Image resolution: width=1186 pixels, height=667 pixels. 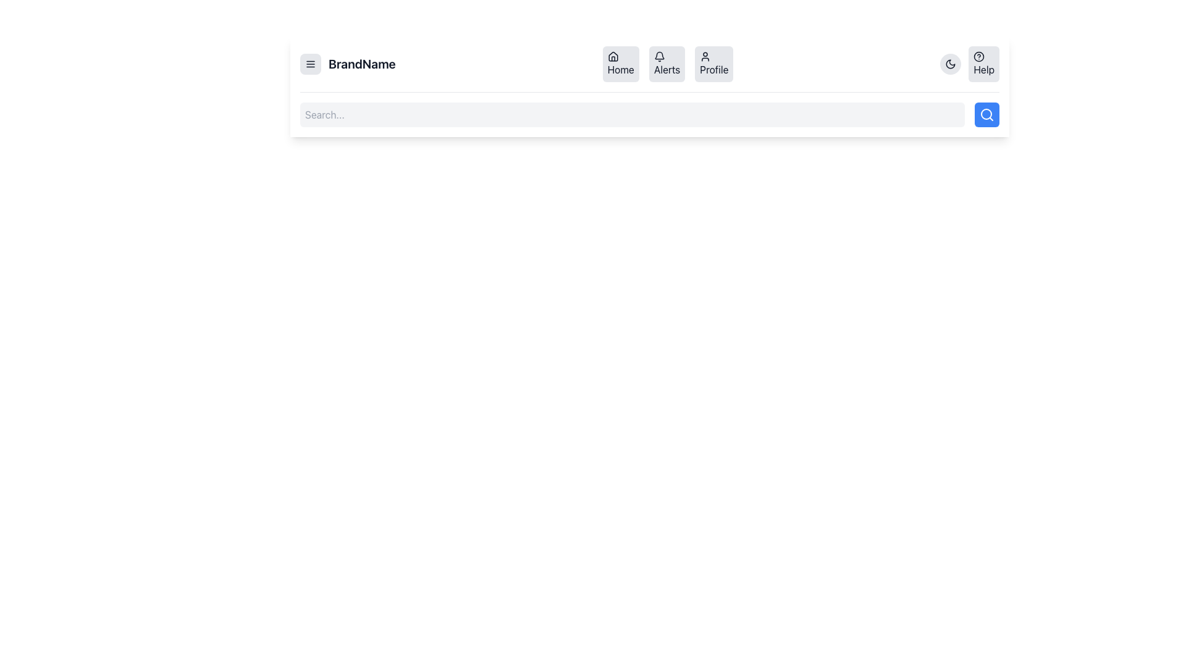 I want to click on the 'menu' button, which is a light gray rounded rectangular button with a three-line icon, located to the left of the 'BrandName' text, so click(x=311, y=64).